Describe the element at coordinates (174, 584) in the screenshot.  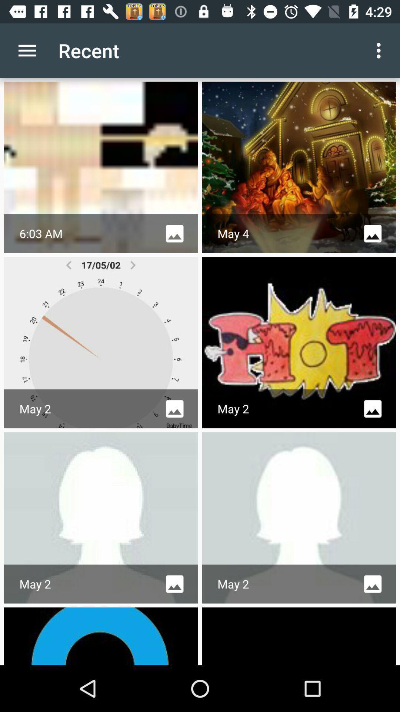
I see `the image icon of third row 1st image` at that location.